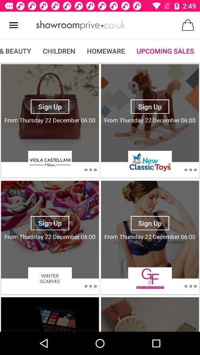 The height and width of the screenshot is (355, 200). I want to click on the second image which is on the bottom of the page, so click(150, 313).